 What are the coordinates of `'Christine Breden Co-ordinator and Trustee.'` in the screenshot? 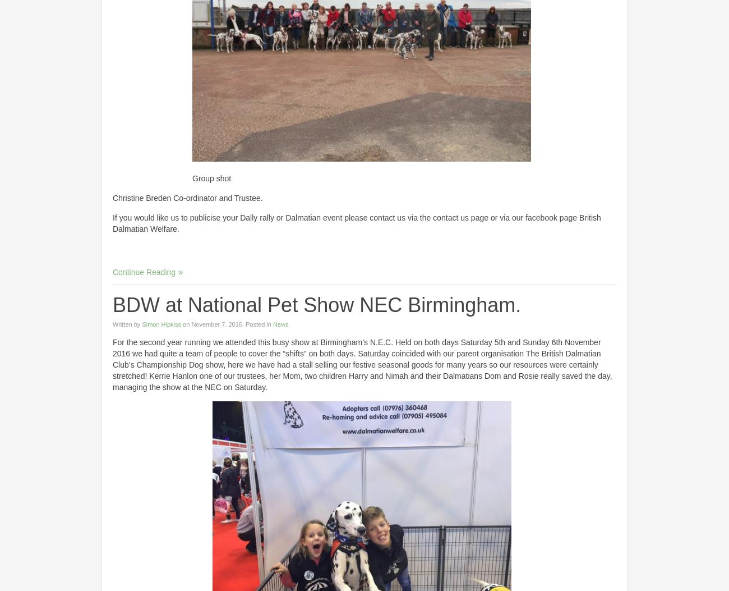 It's located at (187, 197).